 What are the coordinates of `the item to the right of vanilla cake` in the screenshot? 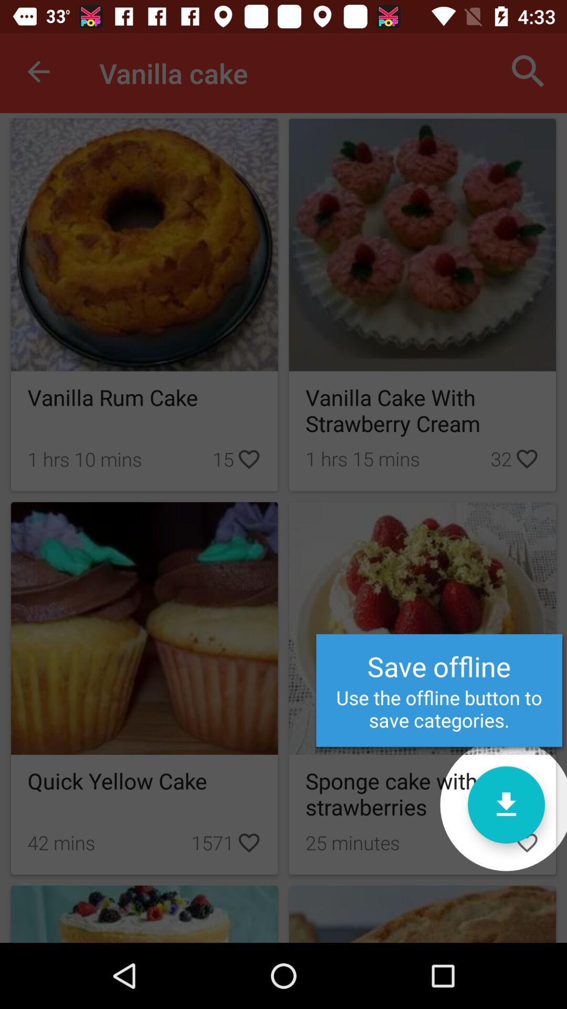 It's located at (528, 71).